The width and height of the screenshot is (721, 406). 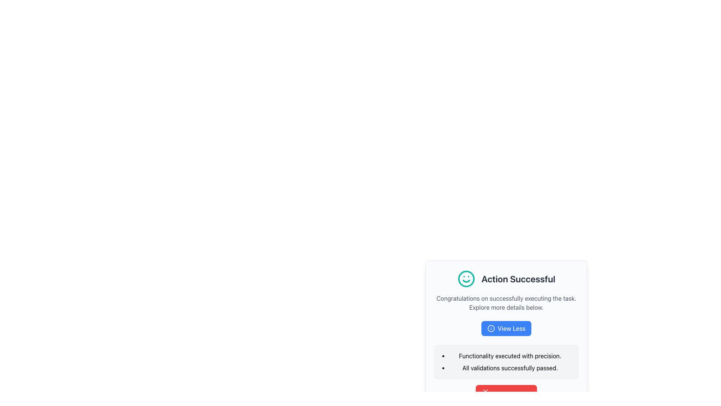 I want to click on the icon inside the red 'Close Notification' button at the bottom-right side of the notification card, so click(x=485, y=391).